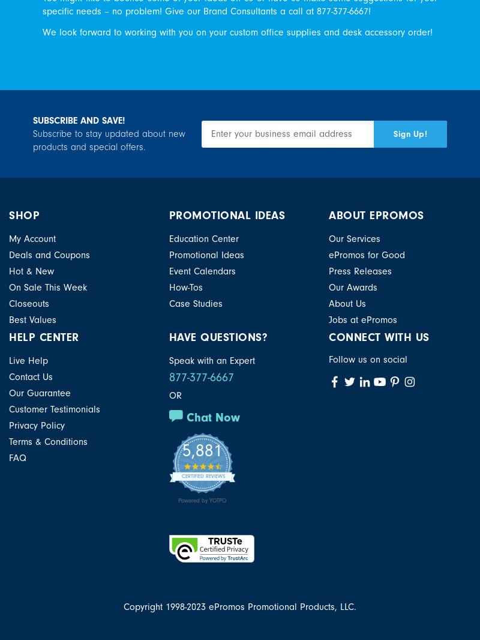 The height and width of the screenshot is (640, 480). Describe the element at coordinates (211, 360) in the screenshot. I see `'Speak with an Expert'` at that location.